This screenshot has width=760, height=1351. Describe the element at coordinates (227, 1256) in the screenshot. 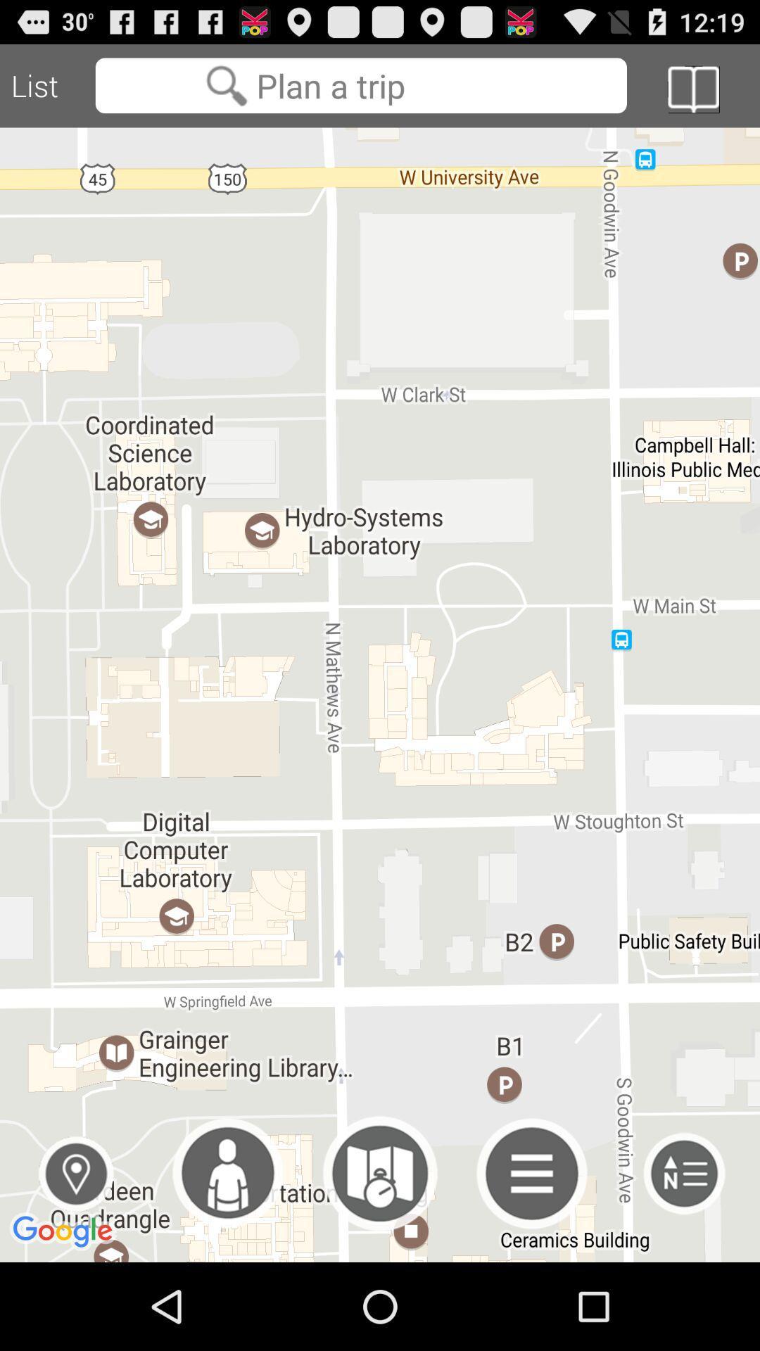

I see `the avatar icon` at that location.